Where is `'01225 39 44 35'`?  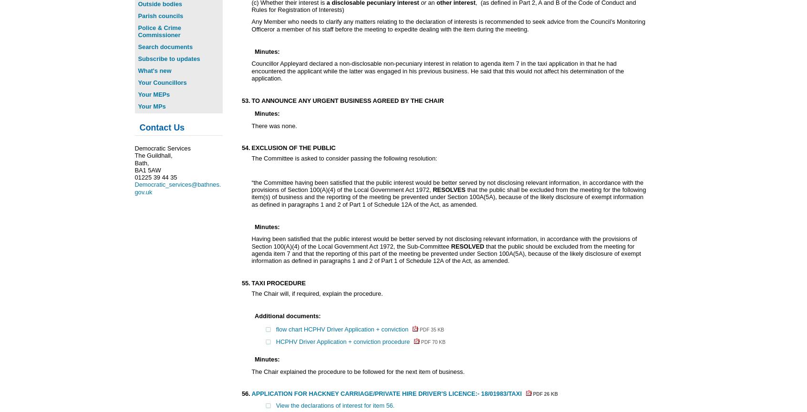
'01225 39 44 35' is located at coordinates (155, 177).